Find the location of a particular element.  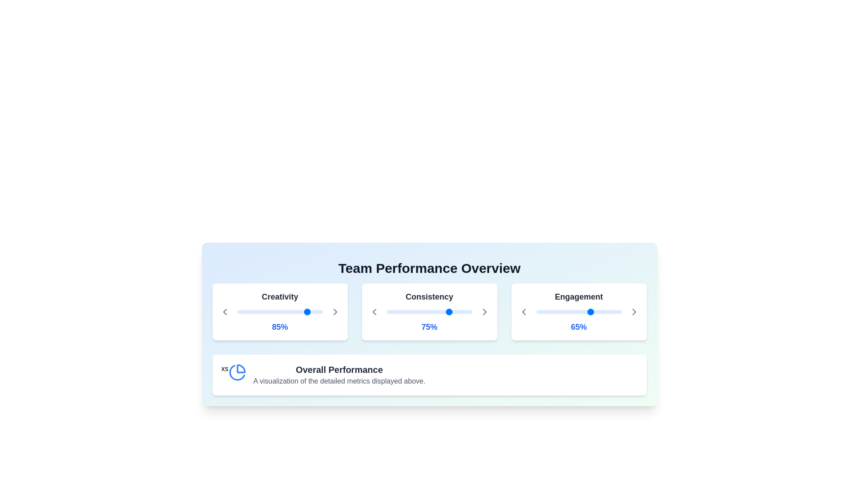

Creativity level is located at coordinates (298, 312).